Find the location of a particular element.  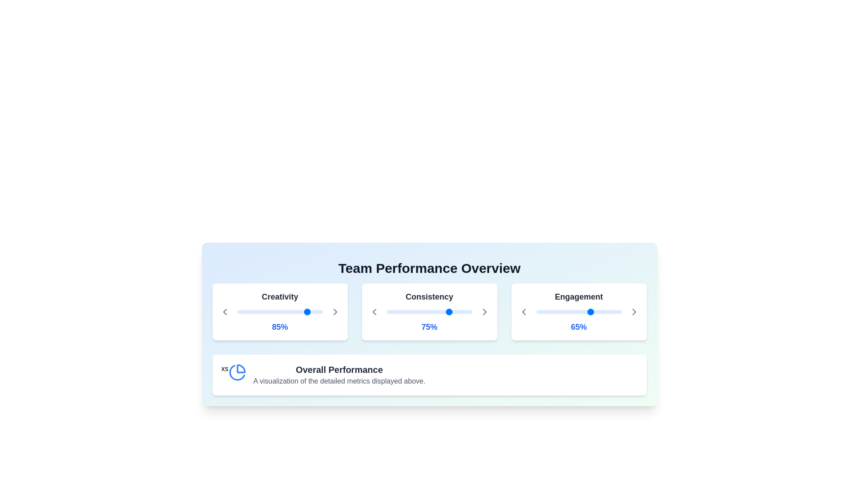

Creativity level is located at coordinates (298, 312).